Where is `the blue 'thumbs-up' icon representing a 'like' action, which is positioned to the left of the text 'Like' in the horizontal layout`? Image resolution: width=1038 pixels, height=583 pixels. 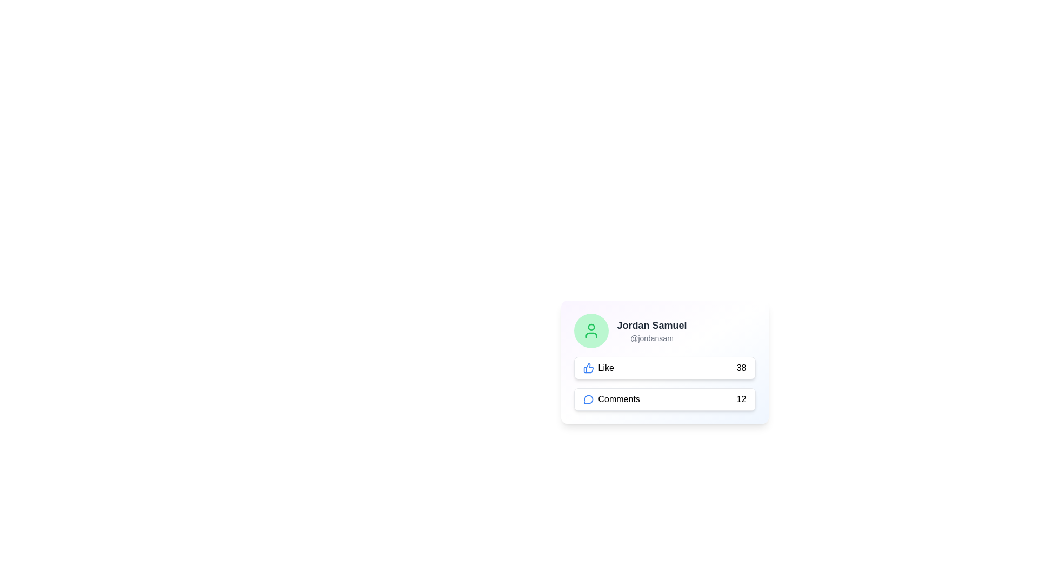 the blue 'thumbs-up' icon representing a 'like' action, which is positioned to the left of the text 'Like' in the horizontal layout is located at coordinates (588, 368).